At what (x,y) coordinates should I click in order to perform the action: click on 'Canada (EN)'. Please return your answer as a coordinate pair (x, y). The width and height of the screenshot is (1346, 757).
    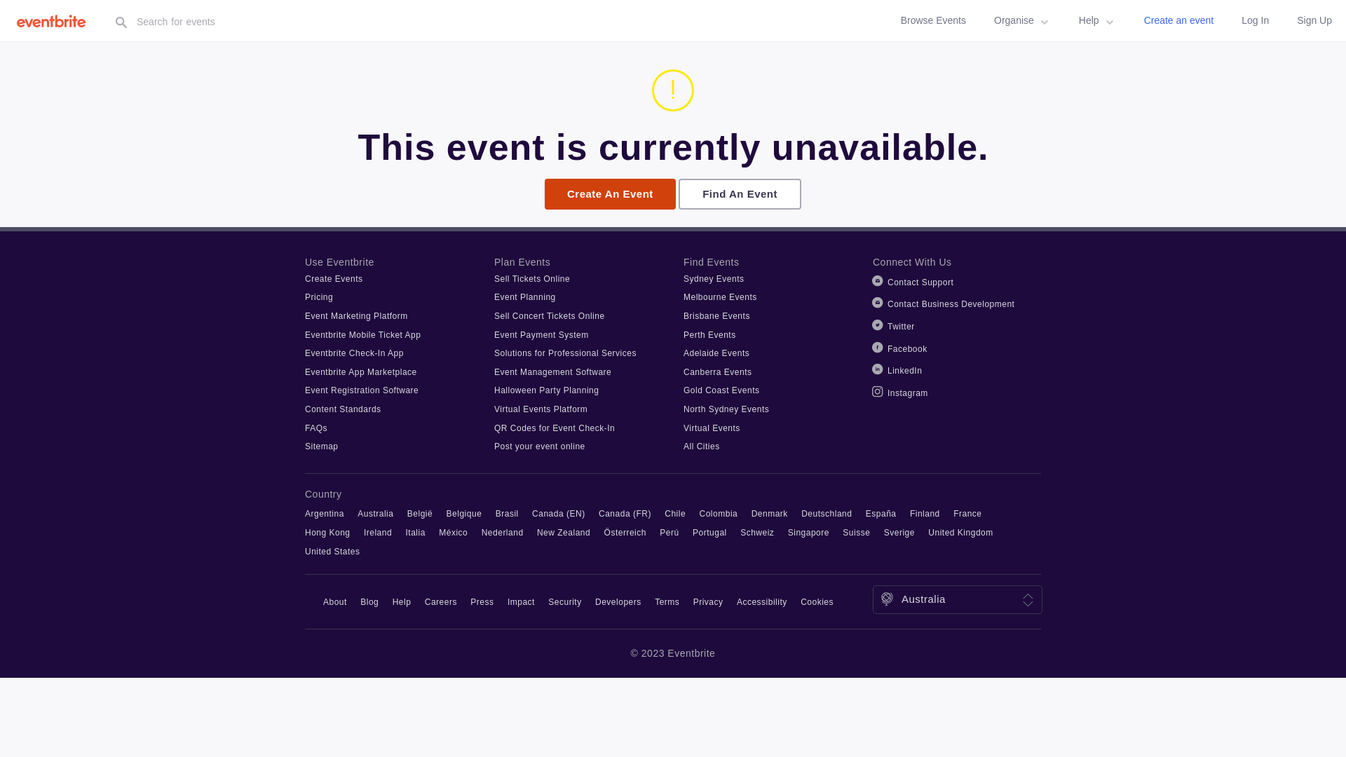
    Looking at the image, I should click on (557, 513).